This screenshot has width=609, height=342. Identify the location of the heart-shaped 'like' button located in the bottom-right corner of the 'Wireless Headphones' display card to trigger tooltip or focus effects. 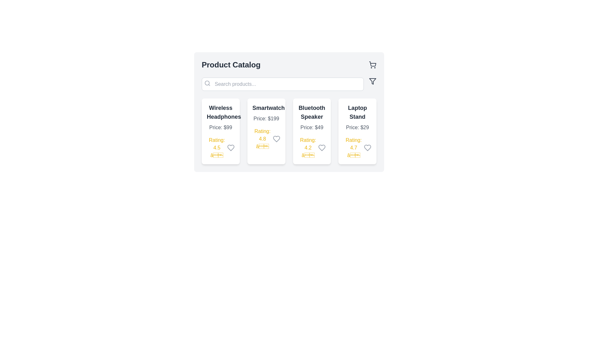
(230, 148).